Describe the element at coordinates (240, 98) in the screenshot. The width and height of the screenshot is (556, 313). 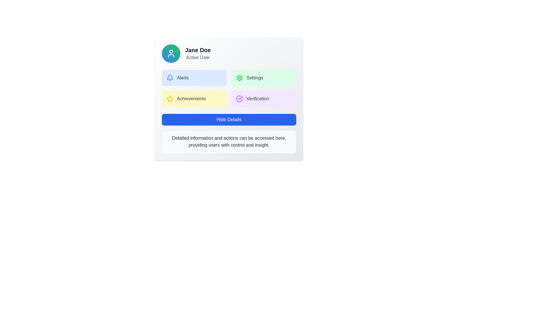
I see `the graphical checkmark shape element inside the SVG, which serves as a visual indicator of completion and is located in the top-left region of the user interface` at that location.